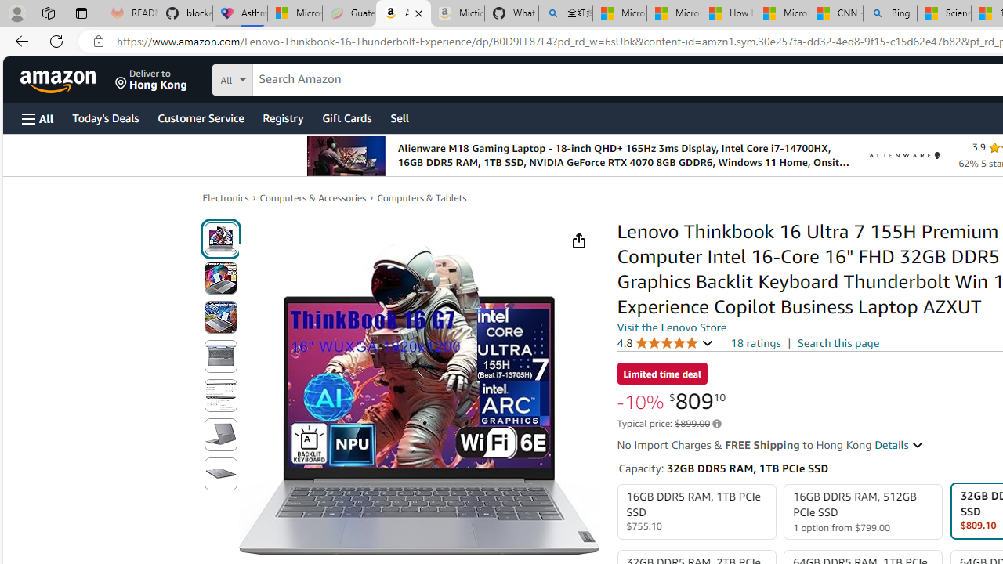 Image resolution: width=1003 pixels, height=564 pixels. Describe the element at coordinates (838, 342) in the screenshot. I see `'Search this page'` at that location.